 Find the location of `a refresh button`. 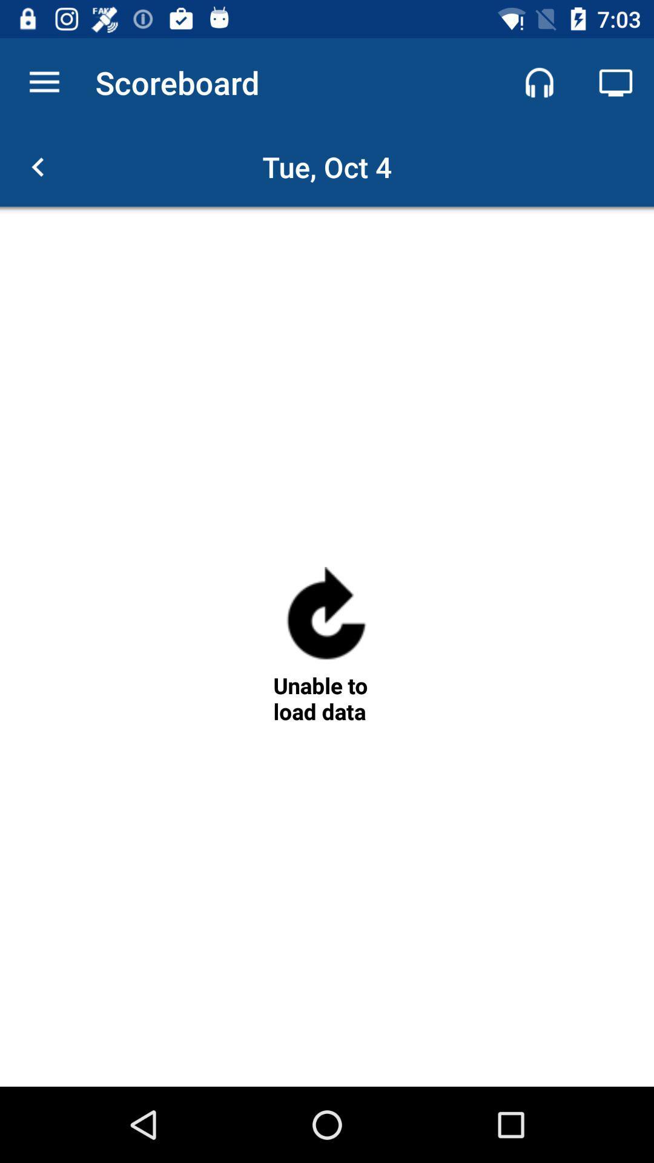

a refresh button is located at coordinates (326, 618).